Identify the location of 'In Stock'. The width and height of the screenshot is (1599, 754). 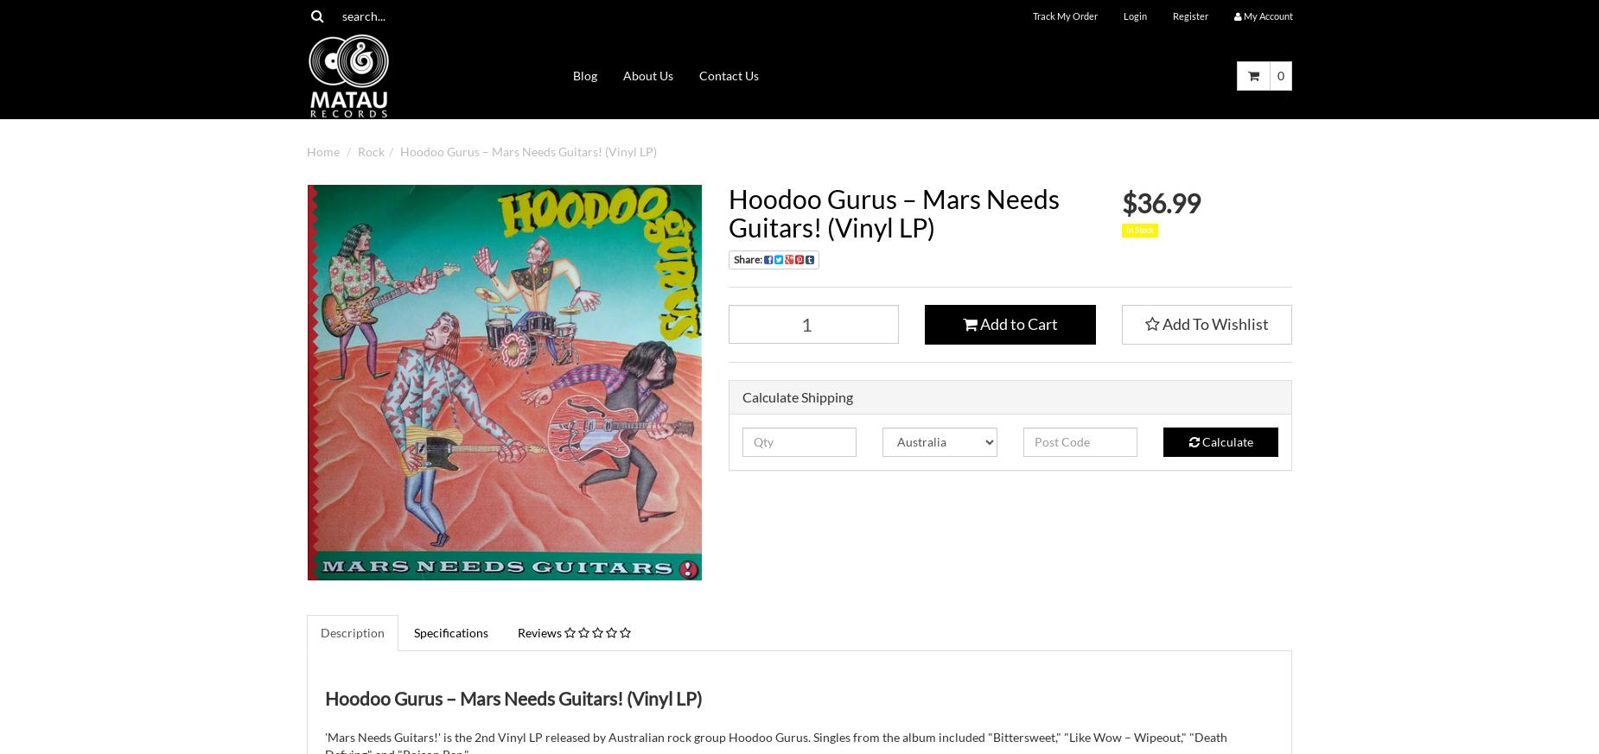
(1124, 229).